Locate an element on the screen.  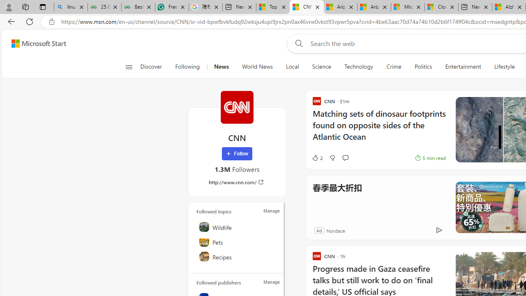
'Pets' is located at coordinates (237, 241).